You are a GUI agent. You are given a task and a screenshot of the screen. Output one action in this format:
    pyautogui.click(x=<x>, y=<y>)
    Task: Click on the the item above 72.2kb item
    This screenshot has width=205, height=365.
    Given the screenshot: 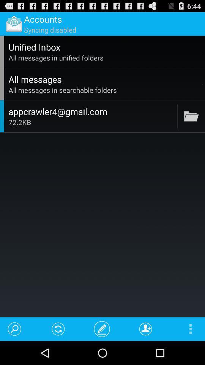 What is the action you would take?
    pyautogui.click(x=91, y=111)
    